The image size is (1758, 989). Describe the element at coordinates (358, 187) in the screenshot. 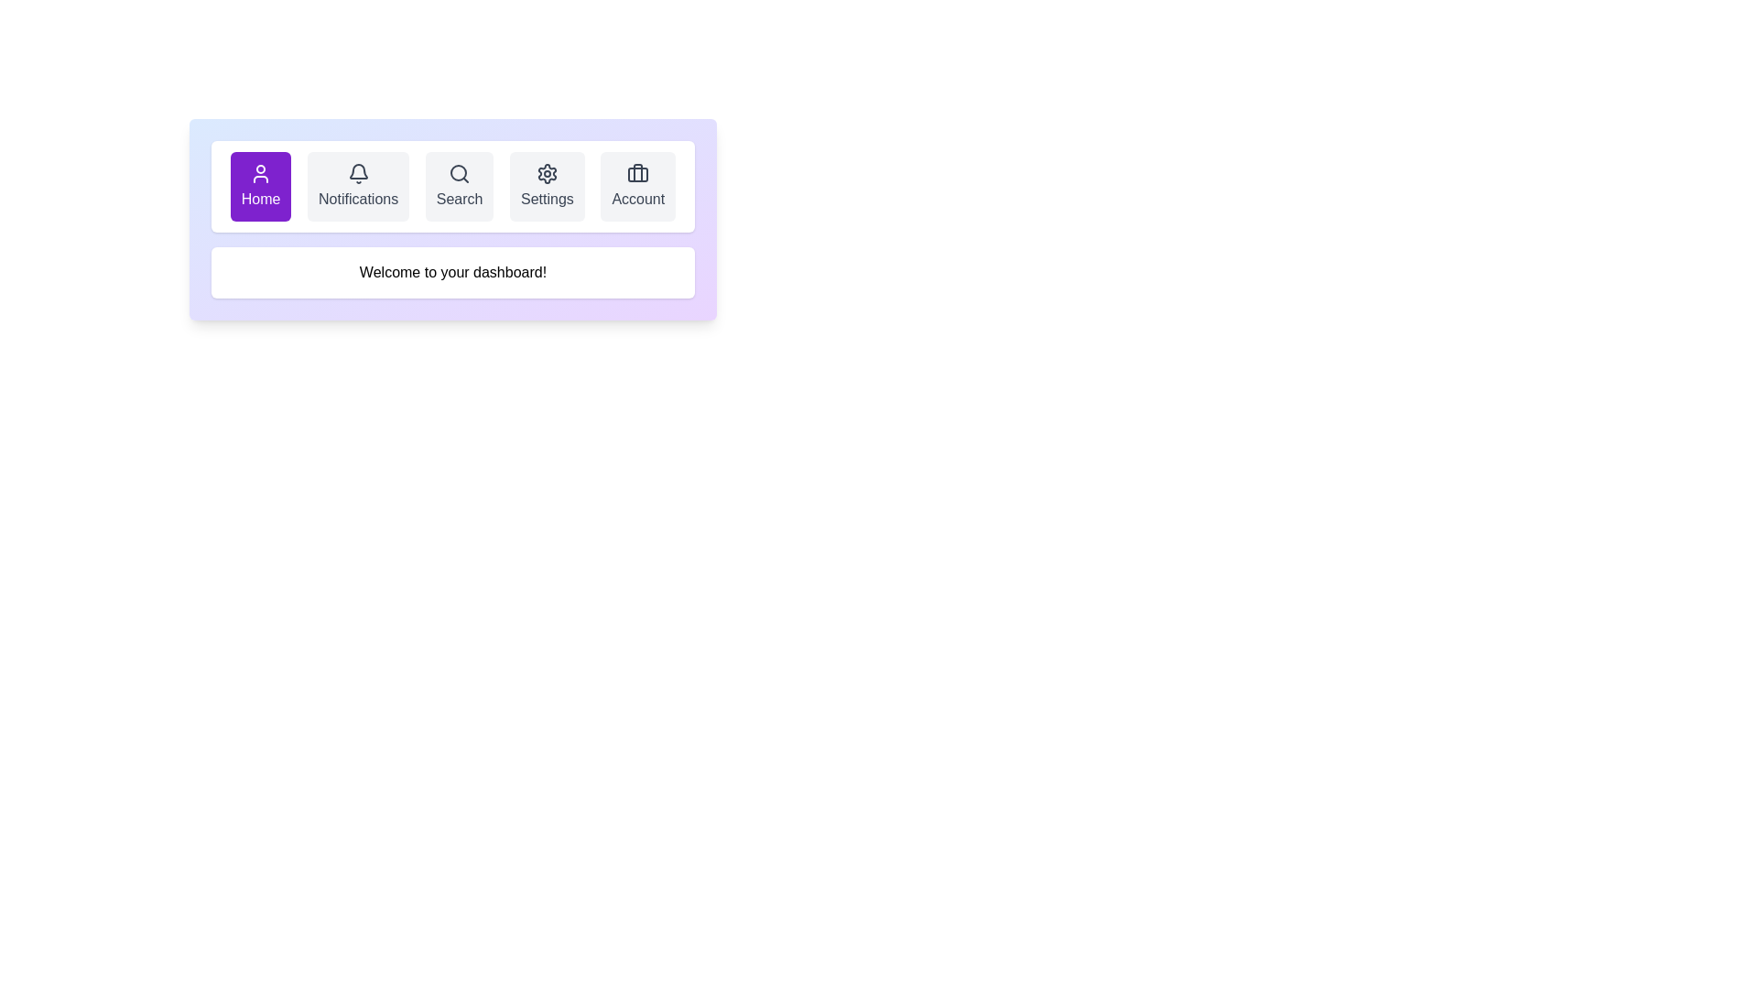

I see `the notifications button located in the horizontal navigation bar, positioned between the 'Home' and 'Search' buttons` at that location.